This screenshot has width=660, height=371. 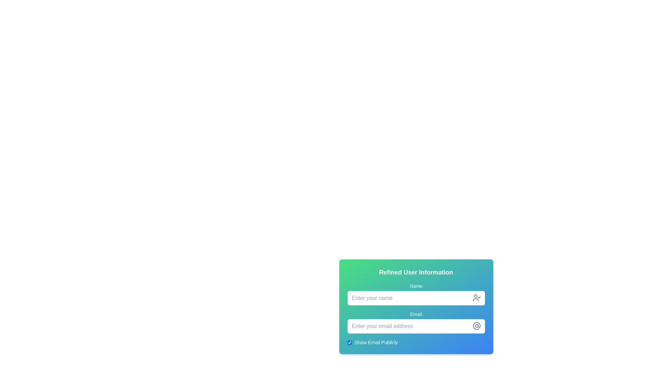 I want to click on the '@' icon styled in gray, located inside the 'Email' input field in the 'Refined User Information' form, so click(x=476, y=325).